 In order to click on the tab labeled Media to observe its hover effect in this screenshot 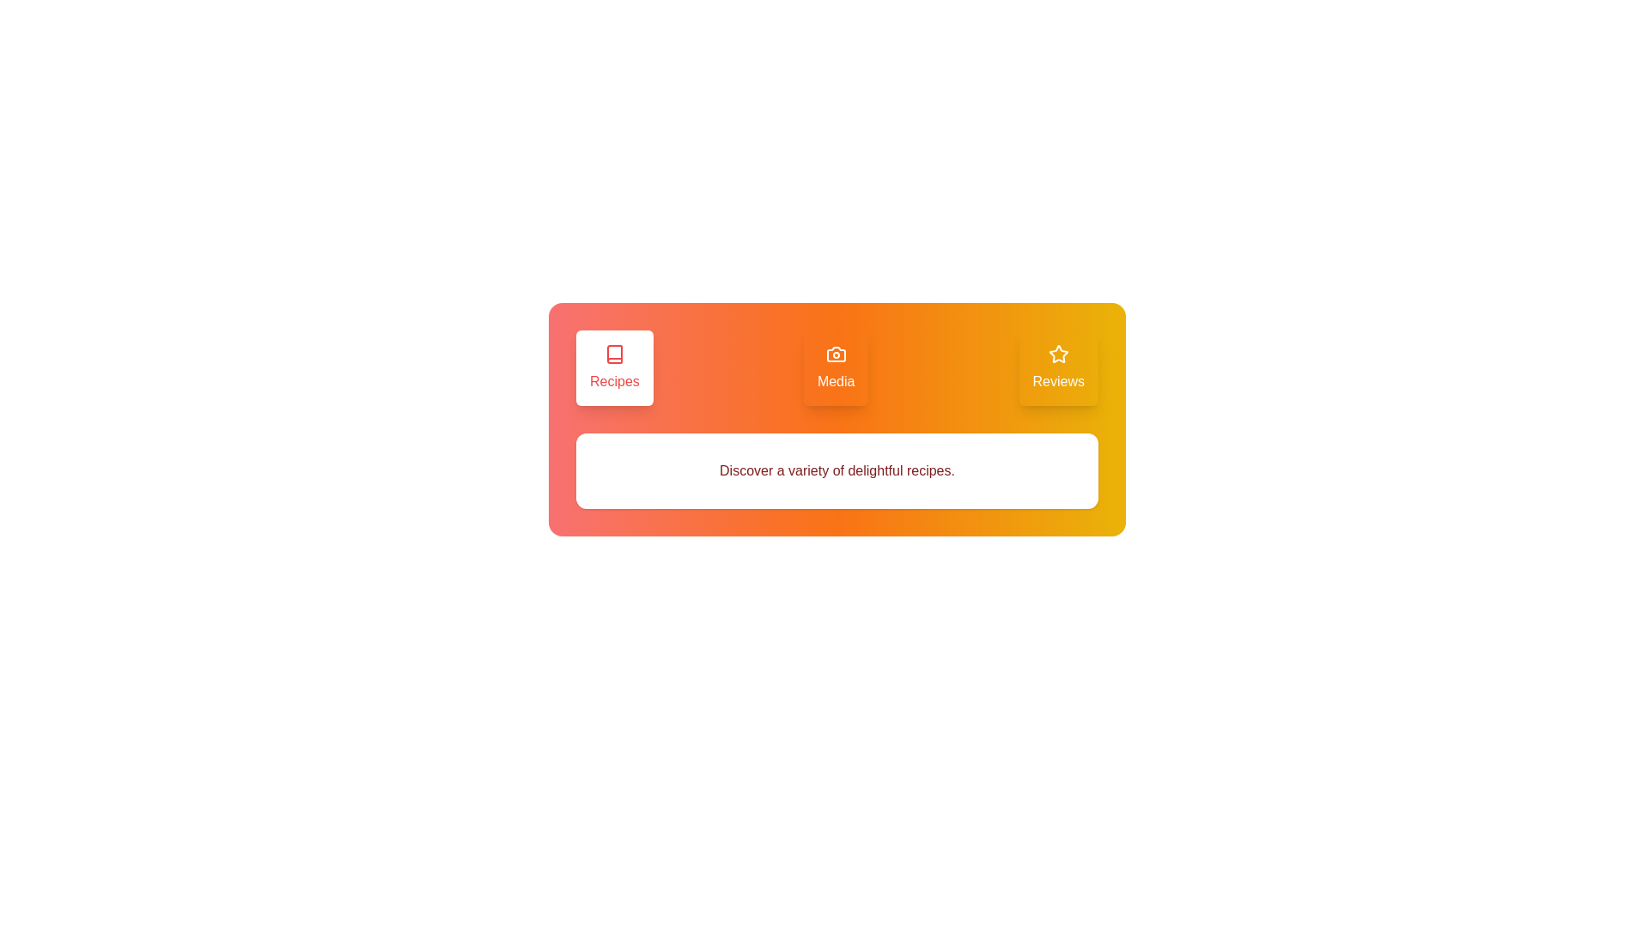, I will do `click(836, 367)`.